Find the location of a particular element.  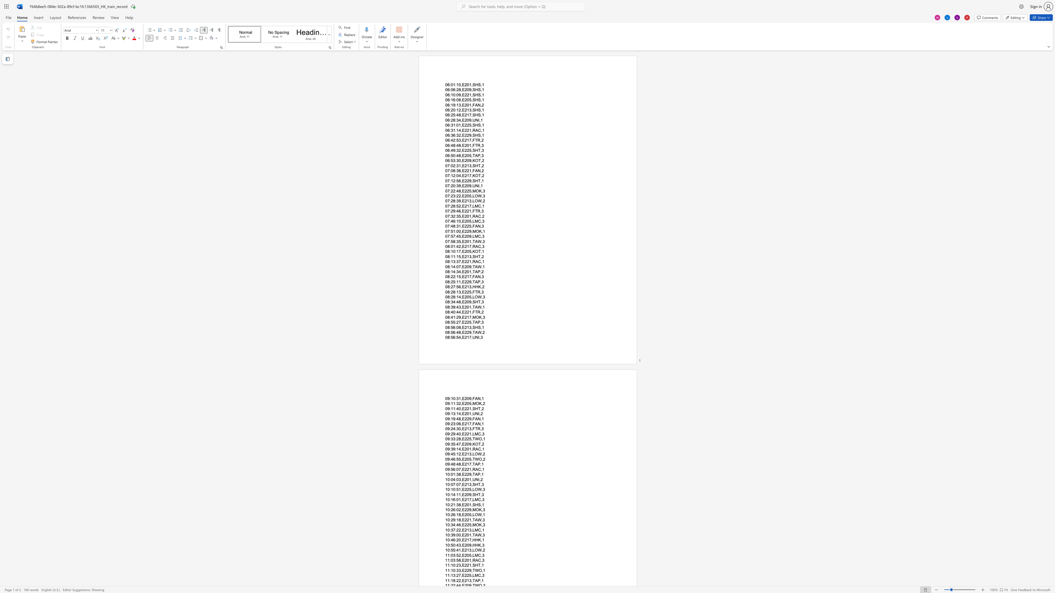

the subset text "P,2" within the text "08:14:34,E201,TAP,2" is located at coordinates (477, 271).